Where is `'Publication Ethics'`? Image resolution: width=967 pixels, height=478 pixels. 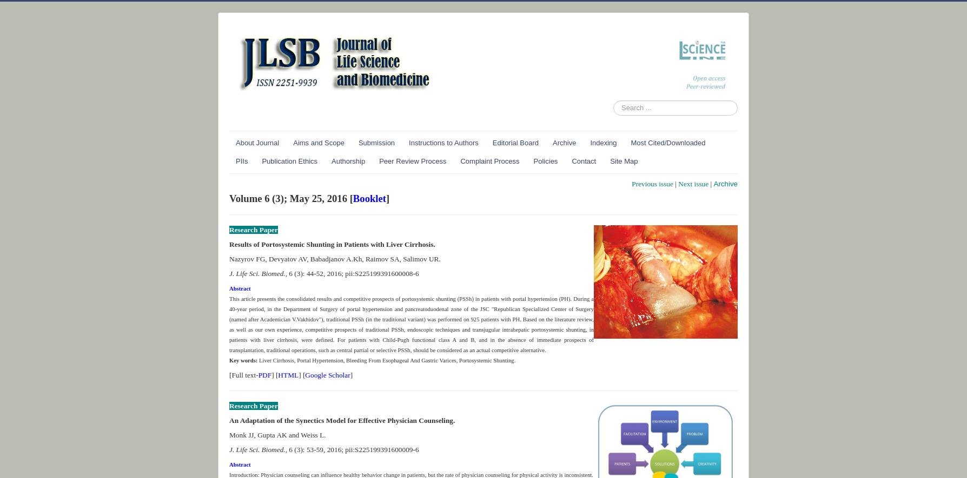 'Publication Ethics' is located at coordinates (289, 160).